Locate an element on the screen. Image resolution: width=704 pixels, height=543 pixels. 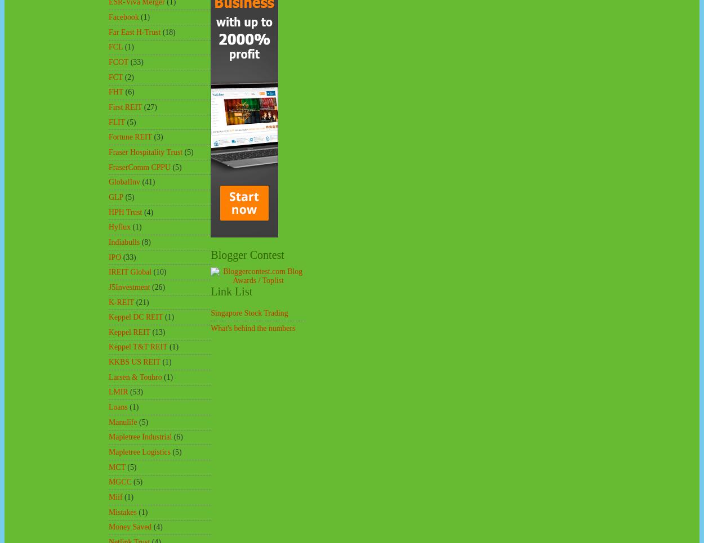
'First REIT' is located at coordinates (124, 106).